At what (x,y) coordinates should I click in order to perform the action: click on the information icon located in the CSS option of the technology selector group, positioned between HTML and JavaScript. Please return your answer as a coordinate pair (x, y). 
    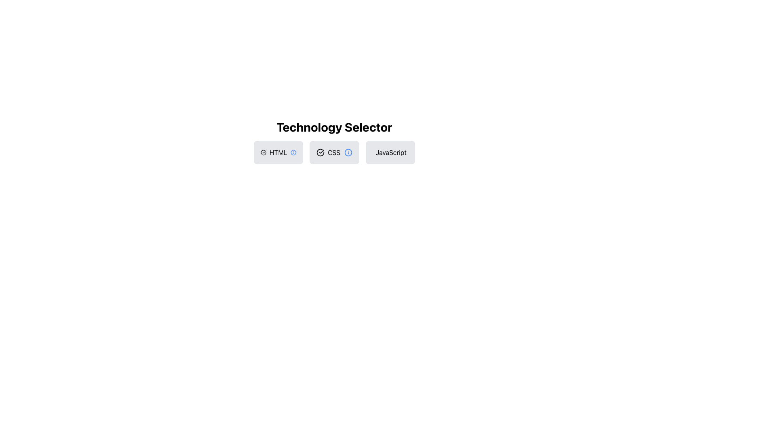
    Looking at the image, I should click on (348, 153).